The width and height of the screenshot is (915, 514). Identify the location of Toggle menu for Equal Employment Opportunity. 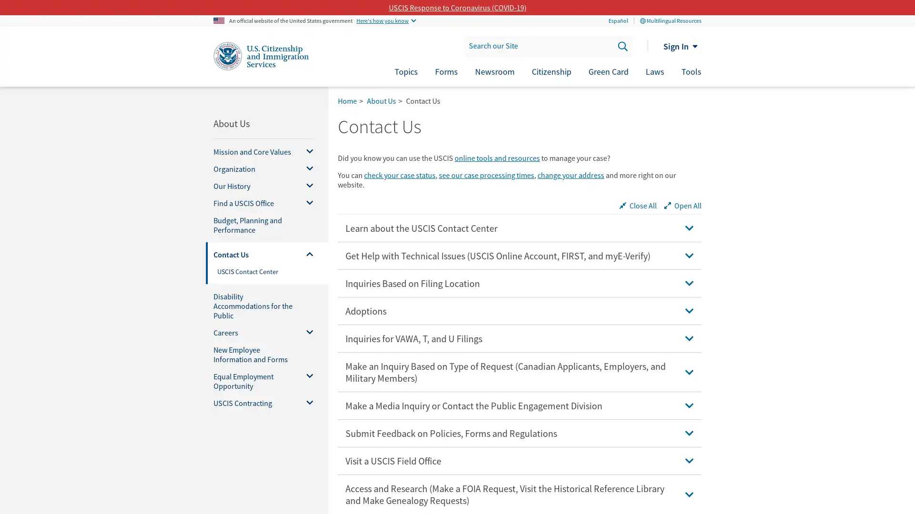
(306, 381).